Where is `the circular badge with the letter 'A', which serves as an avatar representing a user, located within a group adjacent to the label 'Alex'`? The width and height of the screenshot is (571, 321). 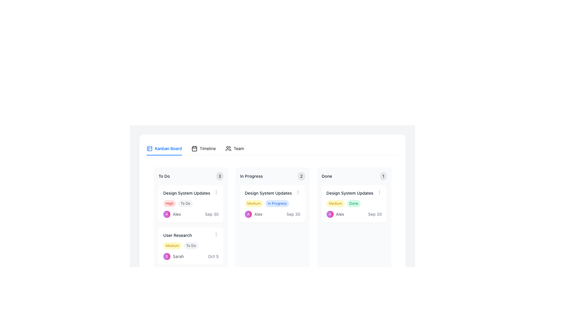
the circular badge with the letter 'A', which serves as an avatar representing a user, located within a group adjacent to the label 'Alex' is located at coordinates (330, 214).